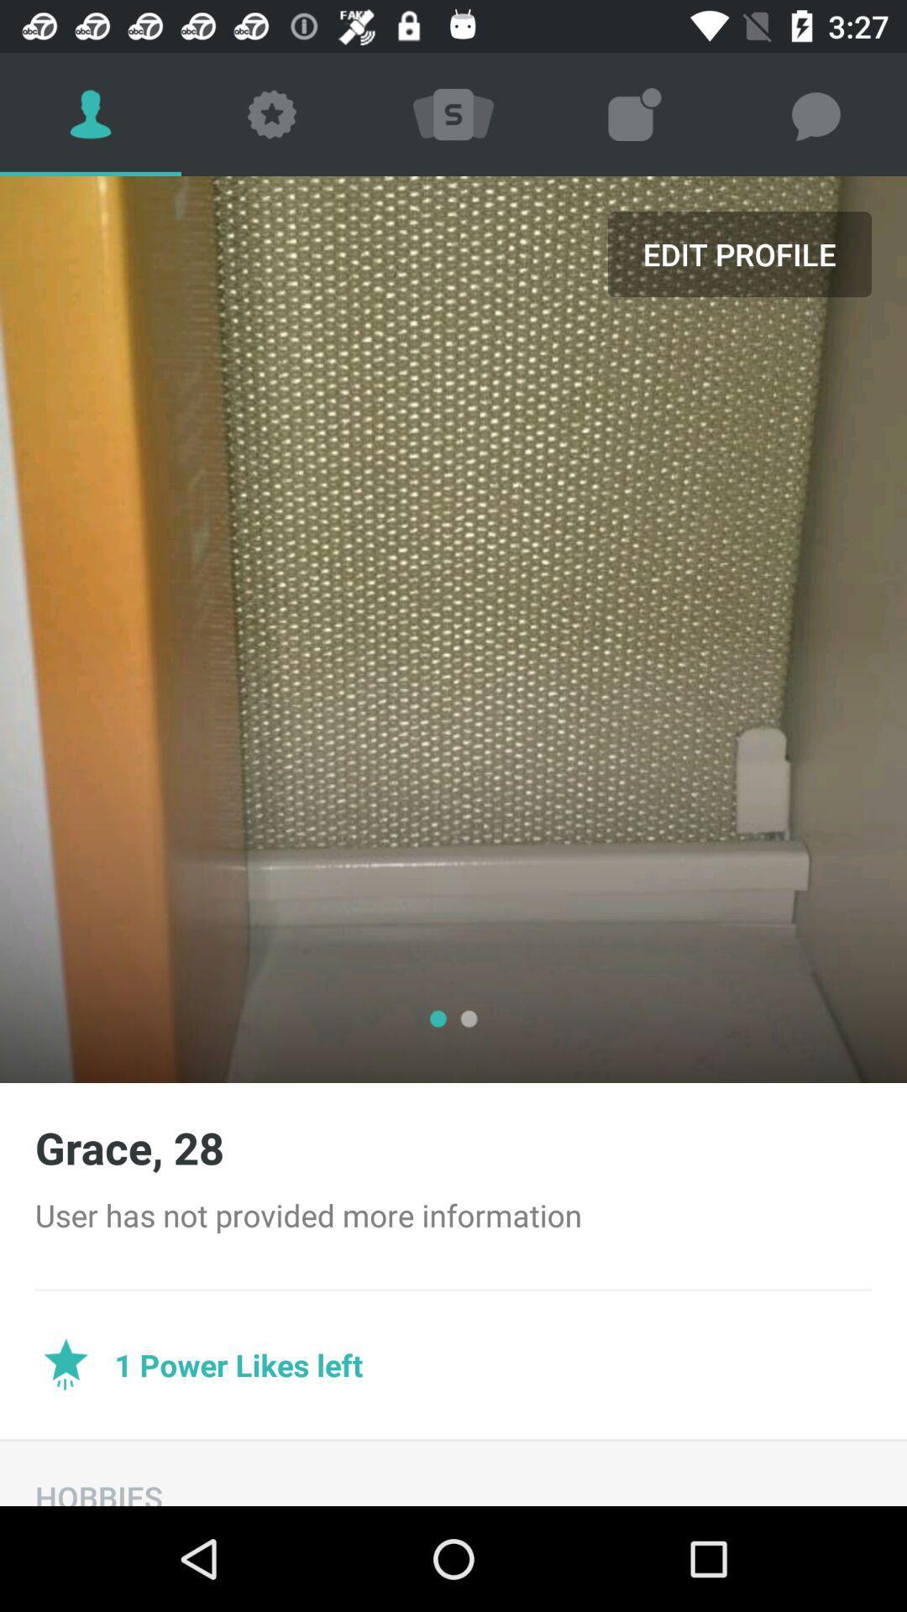  I want to click on the user has not, so click(453, 1215).